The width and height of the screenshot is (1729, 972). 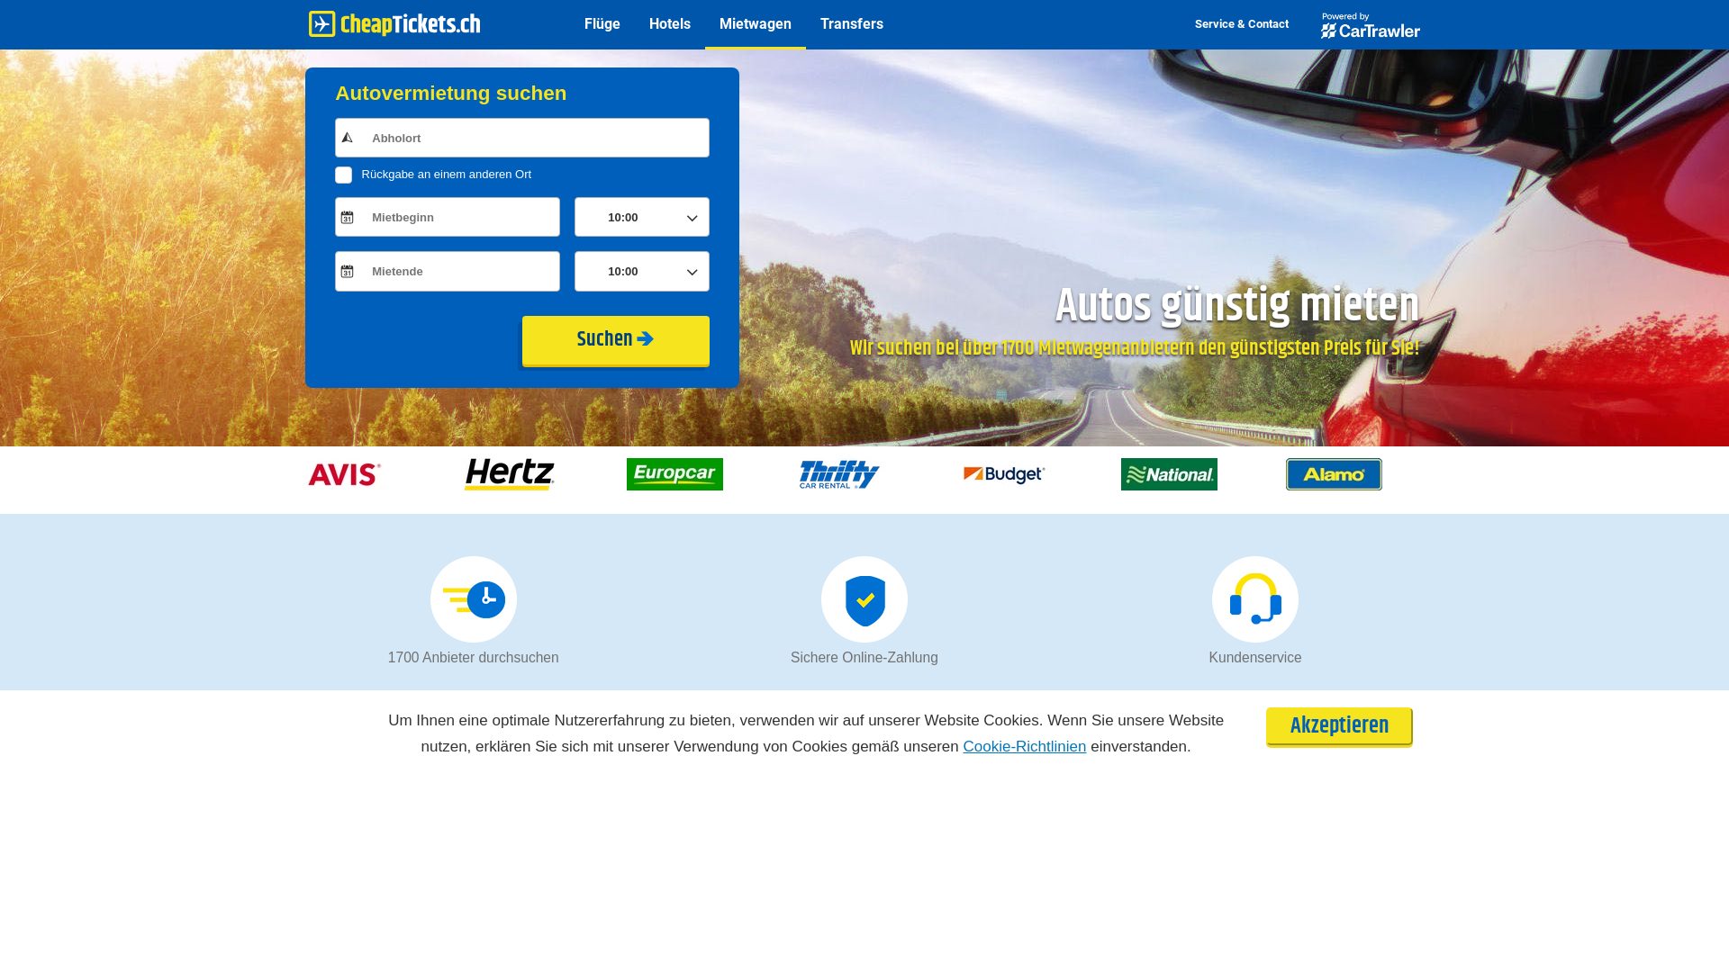 What do you see at coordinates (756, 24) in the screenshot?
I see `'Mietwagen'` at bounding box center [756, 24].